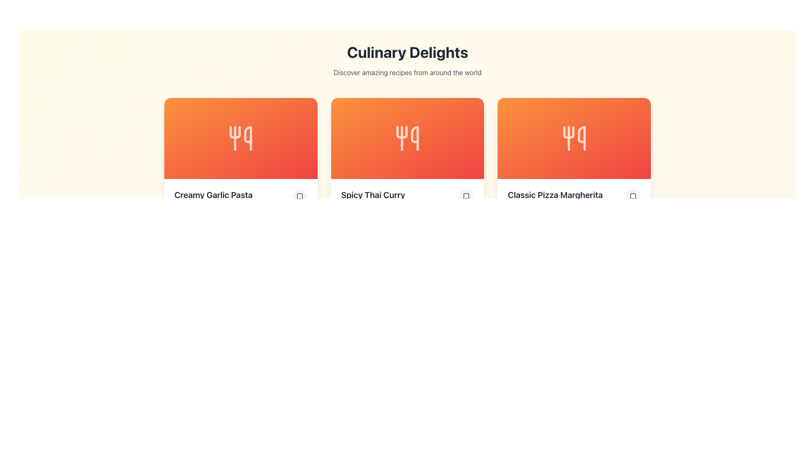  What do you see at coordinates (373, 195) in the screenshot?
I see `text displayed in the title label of the culinary card located in the middle card of a three-card layout beneath an orange and red gradient panel` at bounding box center [373, 195].